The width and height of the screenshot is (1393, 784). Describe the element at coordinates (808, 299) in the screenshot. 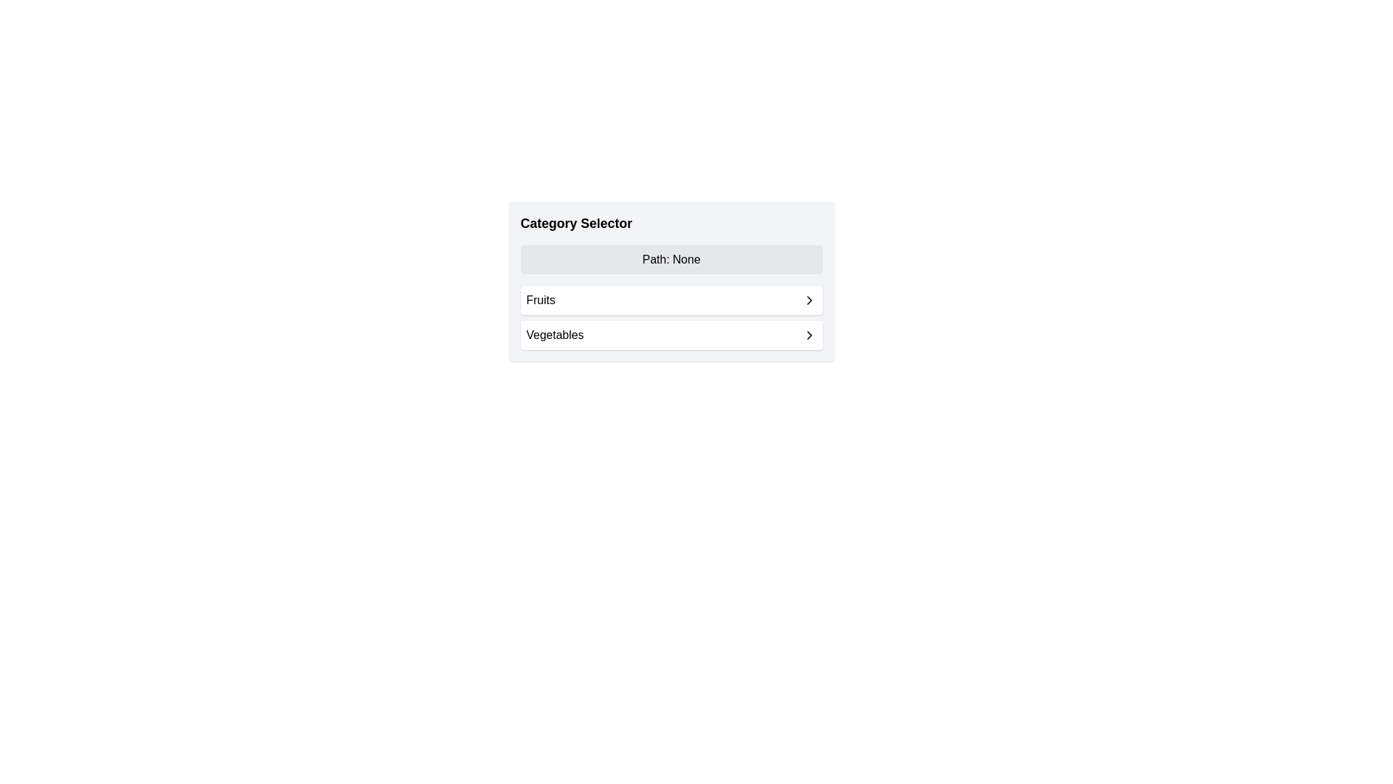

I see `the chevron icon on the right side of the 'Fruits' item in the 'Category Selector'` at that location.